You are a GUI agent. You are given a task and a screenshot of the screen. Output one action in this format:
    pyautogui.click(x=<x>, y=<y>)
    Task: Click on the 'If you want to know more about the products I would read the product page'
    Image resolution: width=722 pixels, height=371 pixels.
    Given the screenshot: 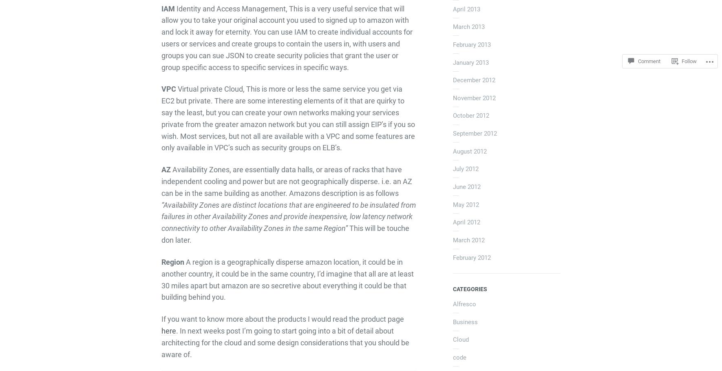 What is the action you would take?
    pyautogui.click(x=161, y=319)
    